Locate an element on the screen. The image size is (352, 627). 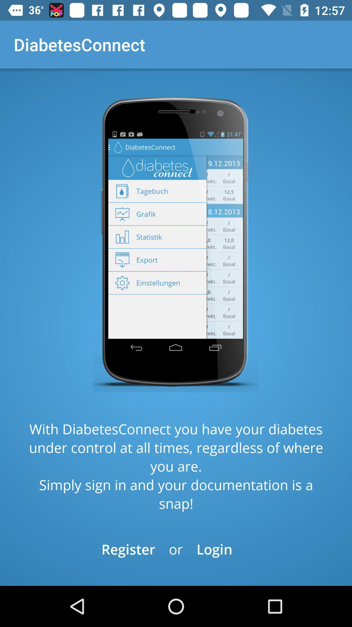
the login is located at coordinates (214, 549).